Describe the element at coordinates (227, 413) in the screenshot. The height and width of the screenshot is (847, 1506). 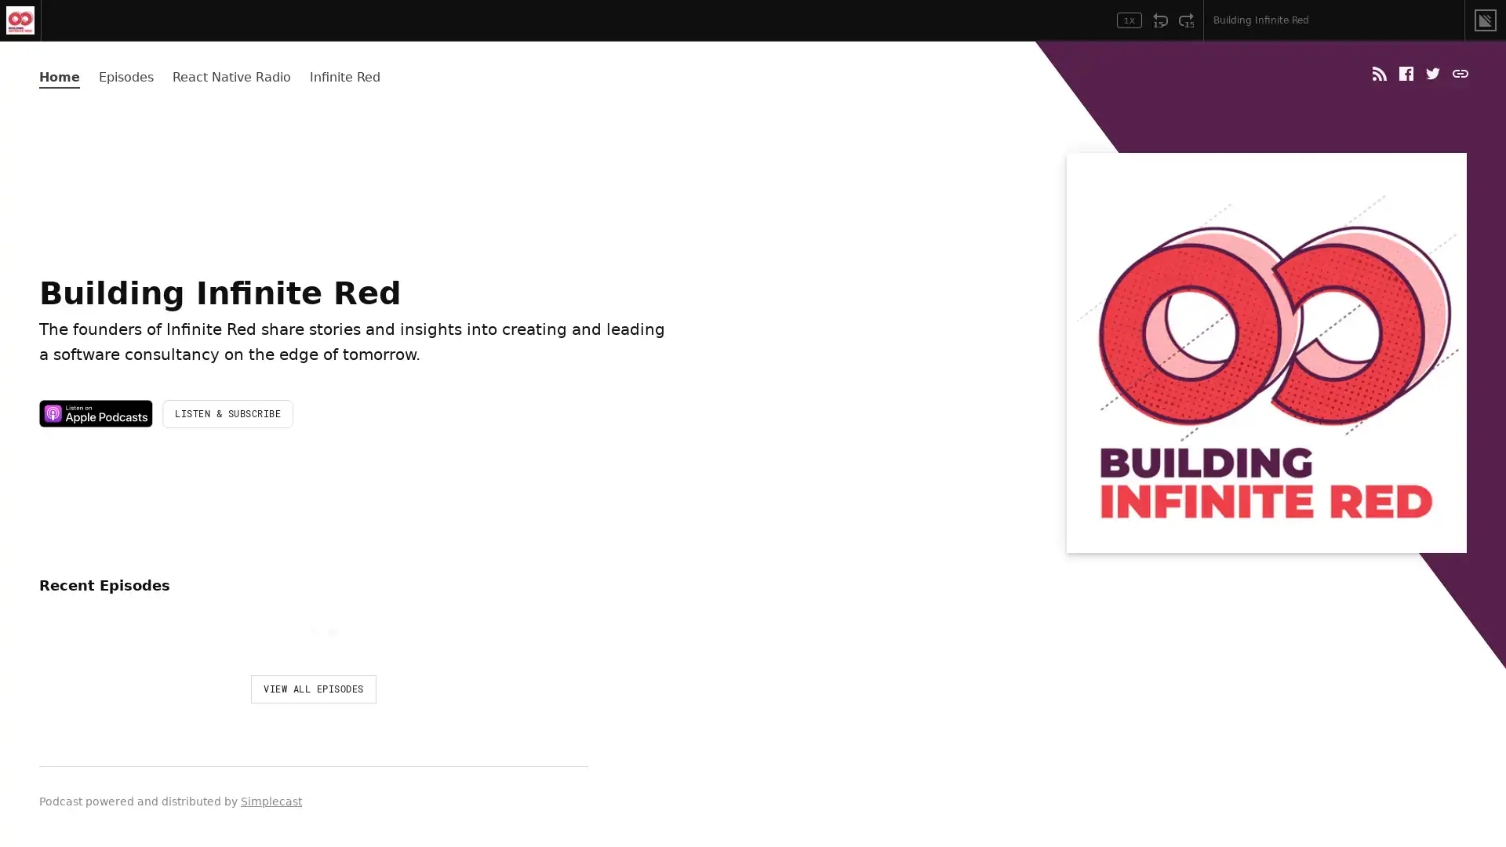
I see `LISTEN & SUBSCRIBE` at that location.